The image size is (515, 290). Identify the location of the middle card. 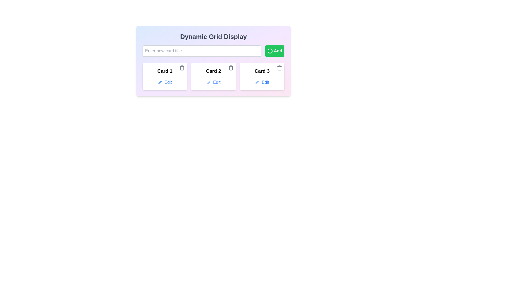
(213, 77).